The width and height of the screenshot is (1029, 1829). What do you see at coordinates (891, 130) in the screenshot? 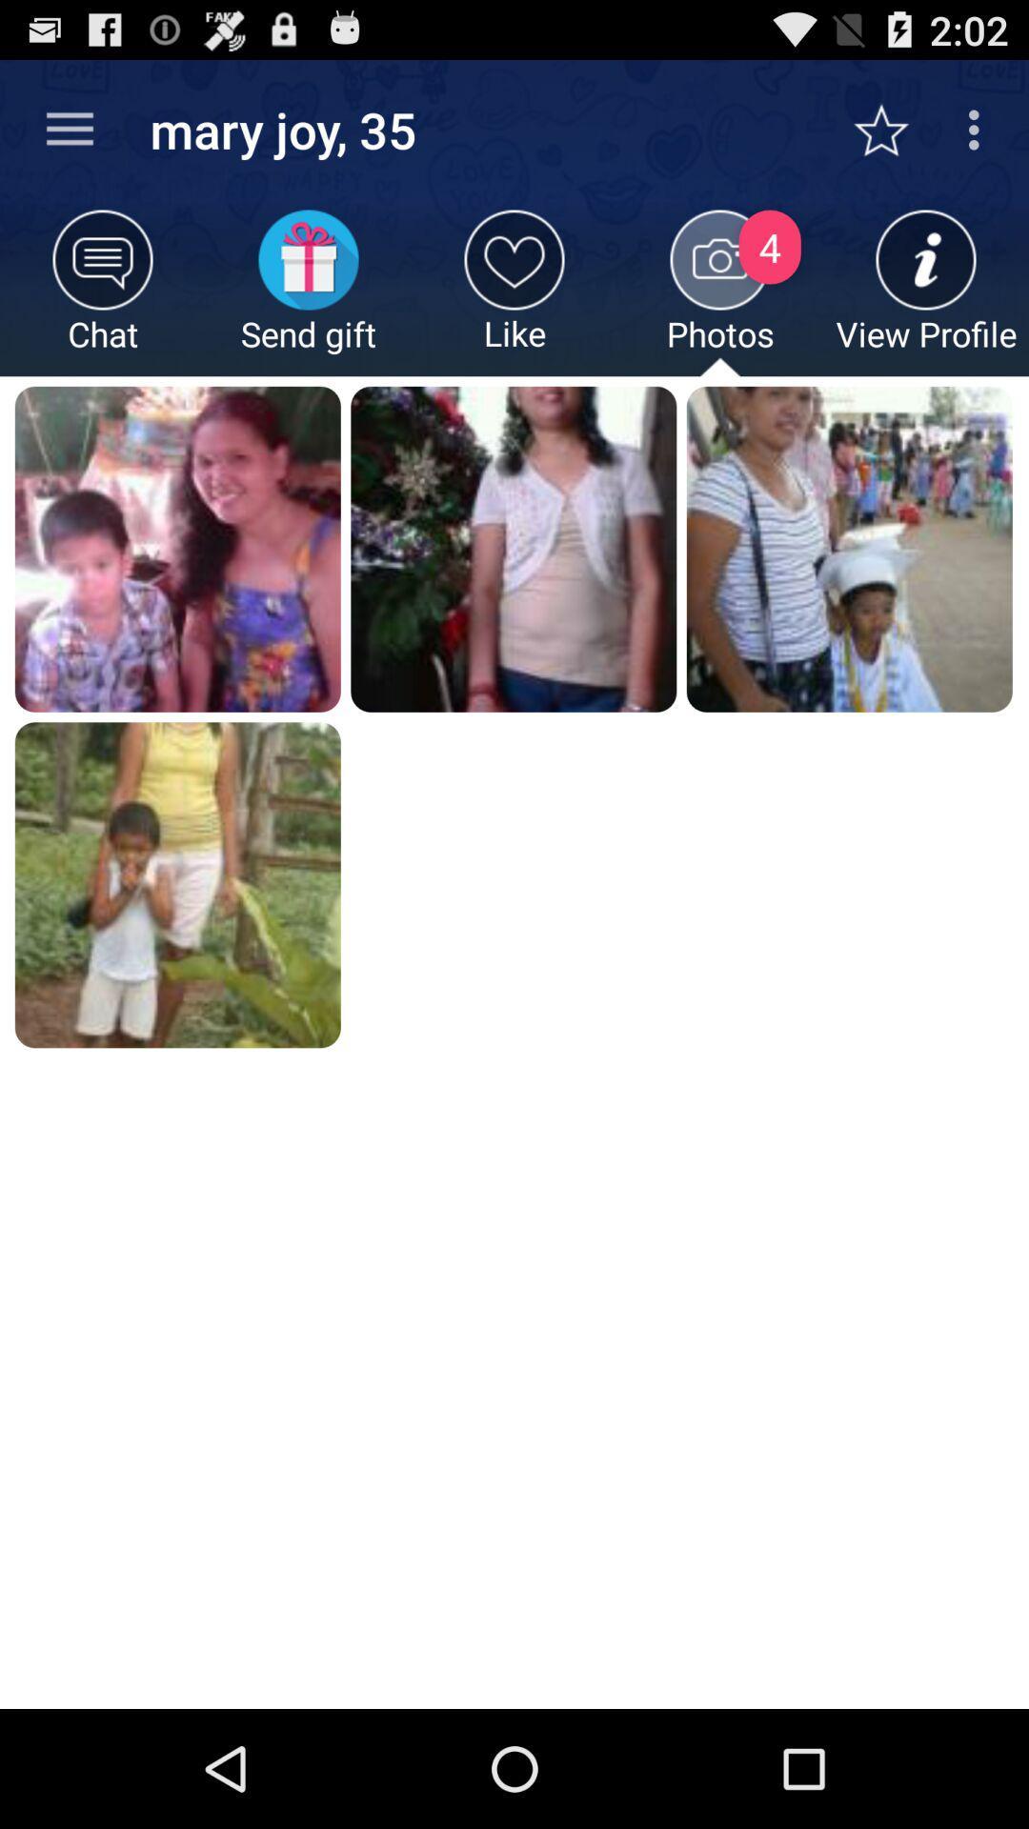
I see `the star icon` at bounding box center [891, 130].